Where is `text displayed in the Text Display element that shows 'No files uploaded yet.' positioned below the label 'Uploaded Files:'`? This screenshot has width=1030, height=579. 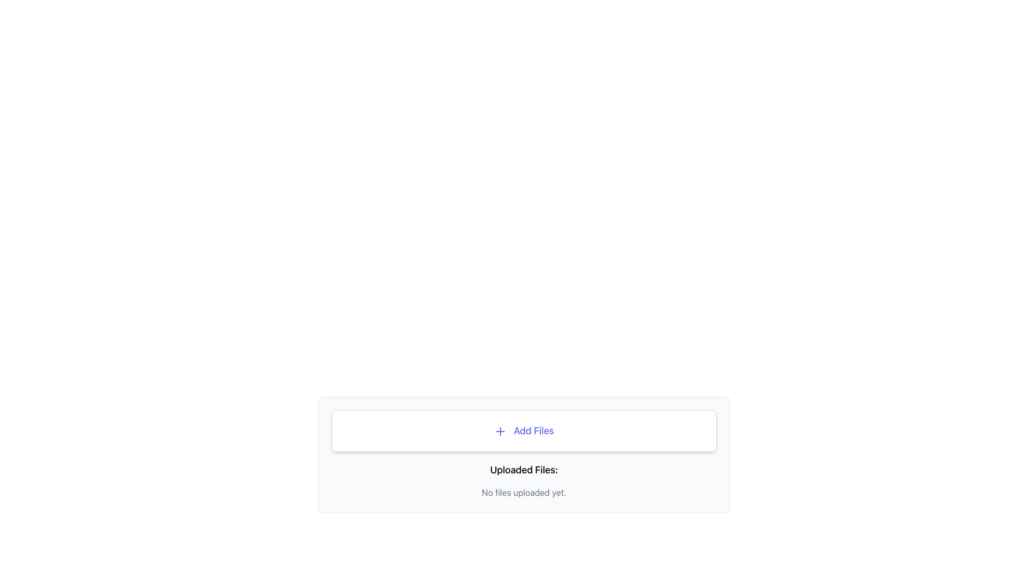
text displayed in the Text Display element that shows 'No files uploaded yet.' positioned below the label 'Uploaded Files:' is located at coordinates (524, 492).